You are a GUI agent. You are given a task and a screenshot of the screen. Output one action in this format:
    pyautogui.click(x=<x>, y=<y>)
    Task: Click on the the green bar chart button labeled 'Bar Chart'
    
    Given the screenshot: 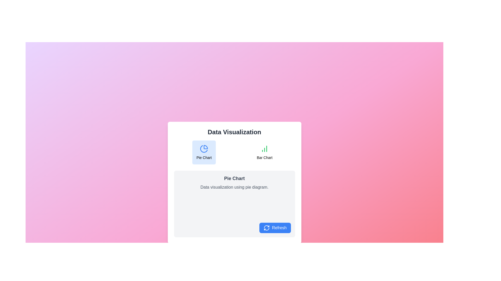 What is the action you would take?
    pyautogui.click(x=265, y=152)
    